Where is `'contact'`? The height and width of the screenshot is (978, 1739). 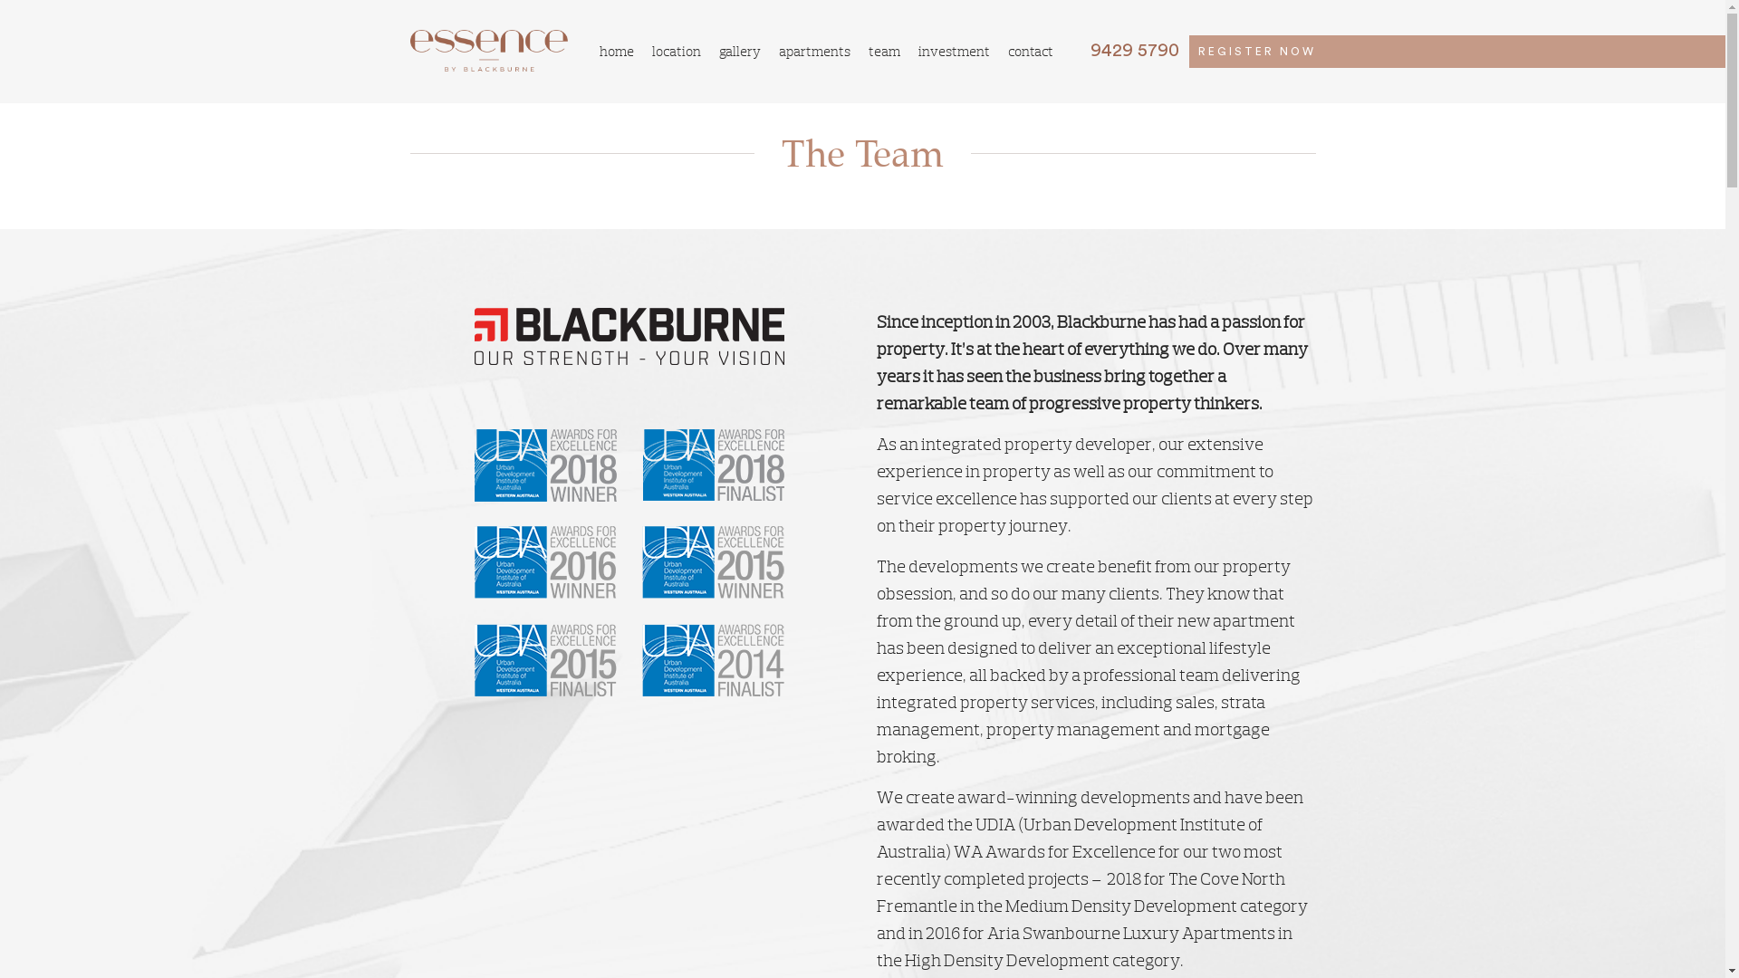
'contact' is located at coordinates (1030, 50).